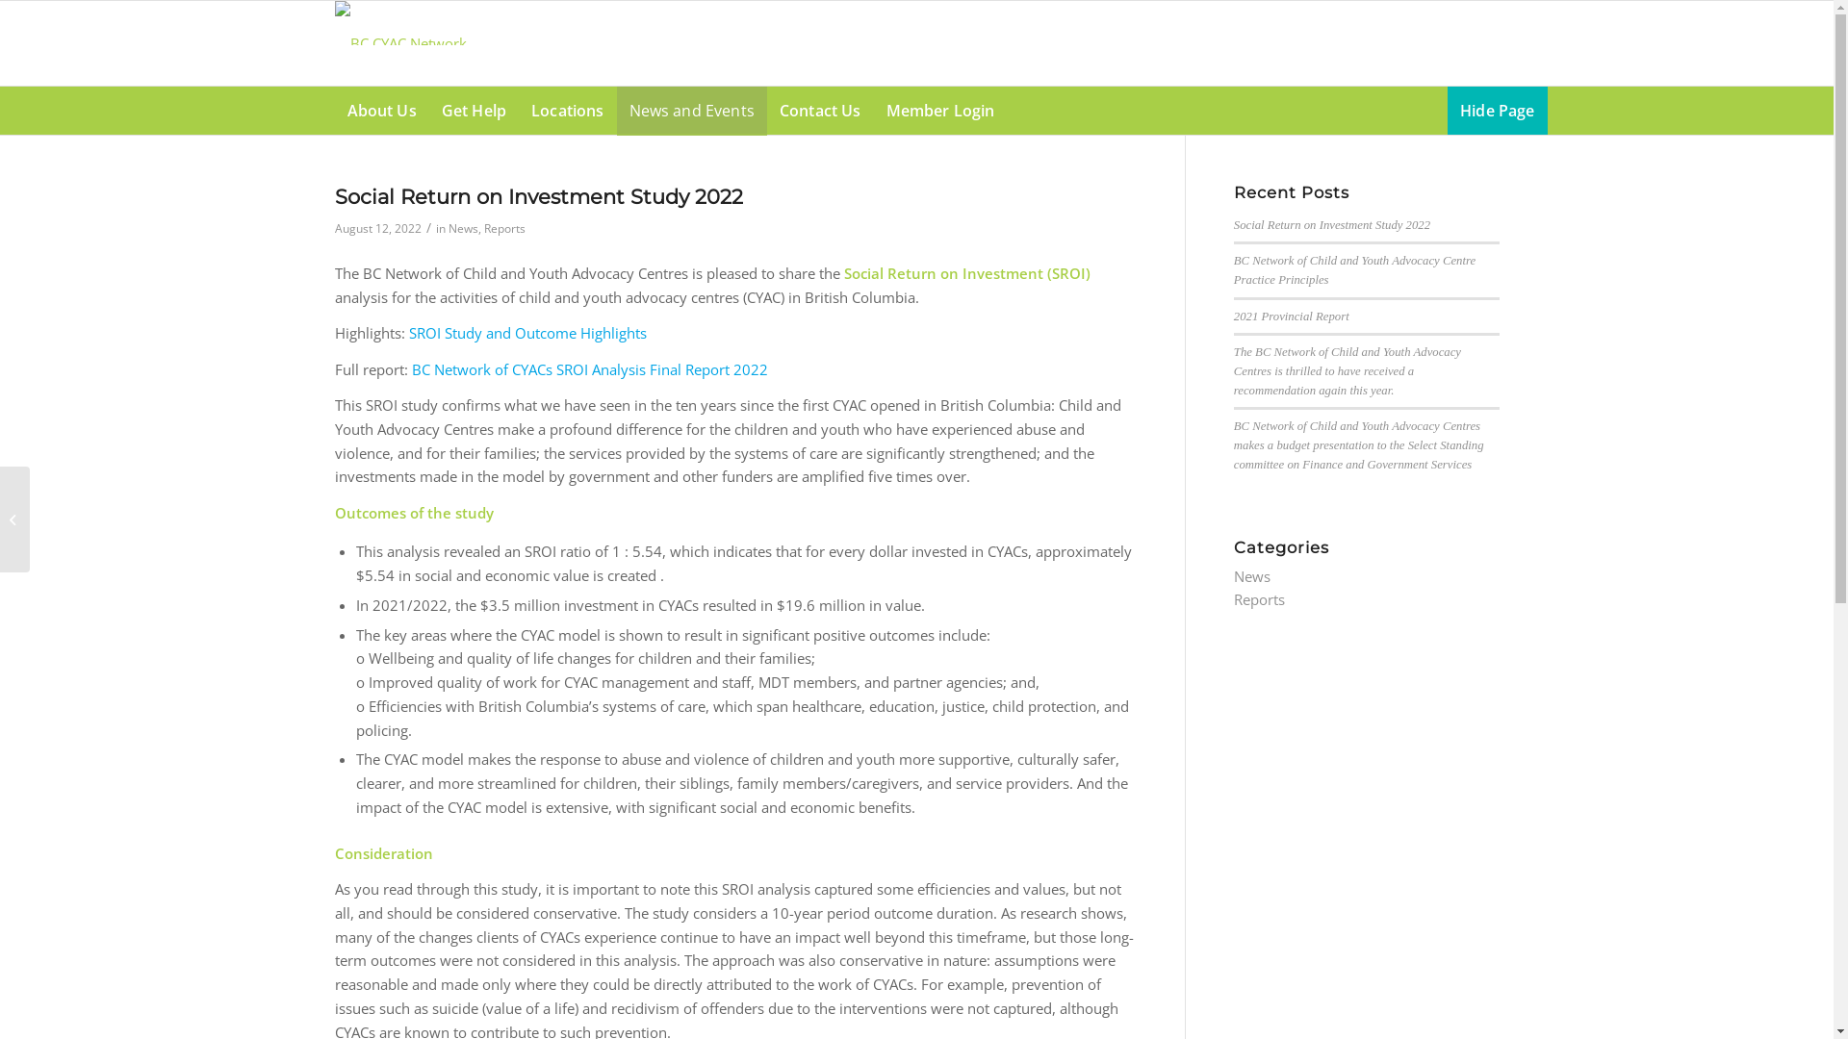 This screenshot has width=1848, height=1039. I want to click on 'BC Network of CYACs SROI Analysis Final Report 2022', so click(589, 369).